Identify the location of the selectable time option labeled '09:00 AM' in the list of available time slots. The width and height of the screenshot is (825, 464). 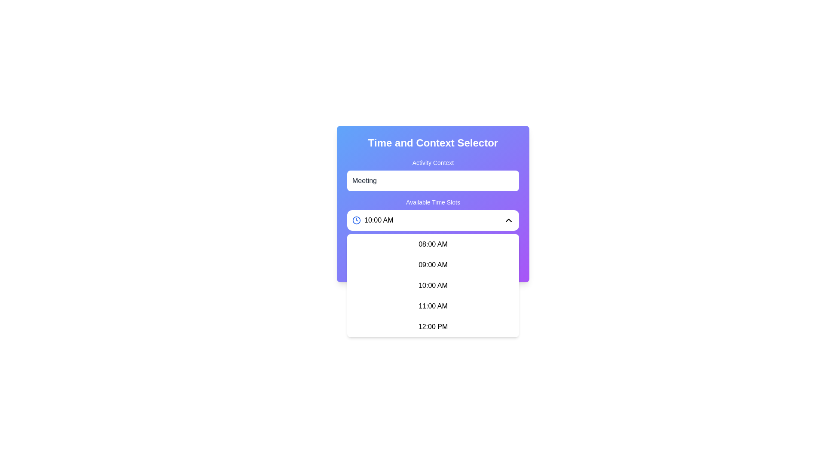
(433, 265).